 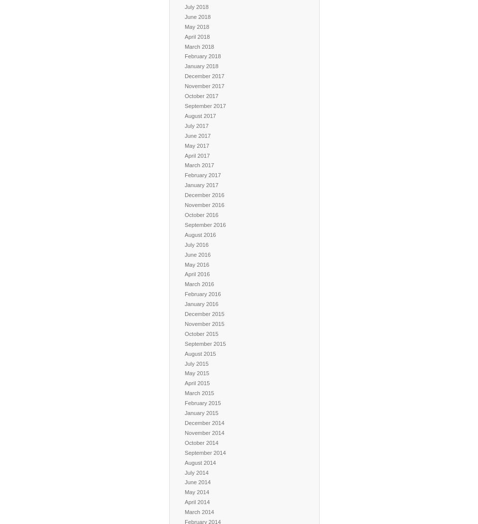 I want to click on 'May 2014', so click(x=184, y=492).